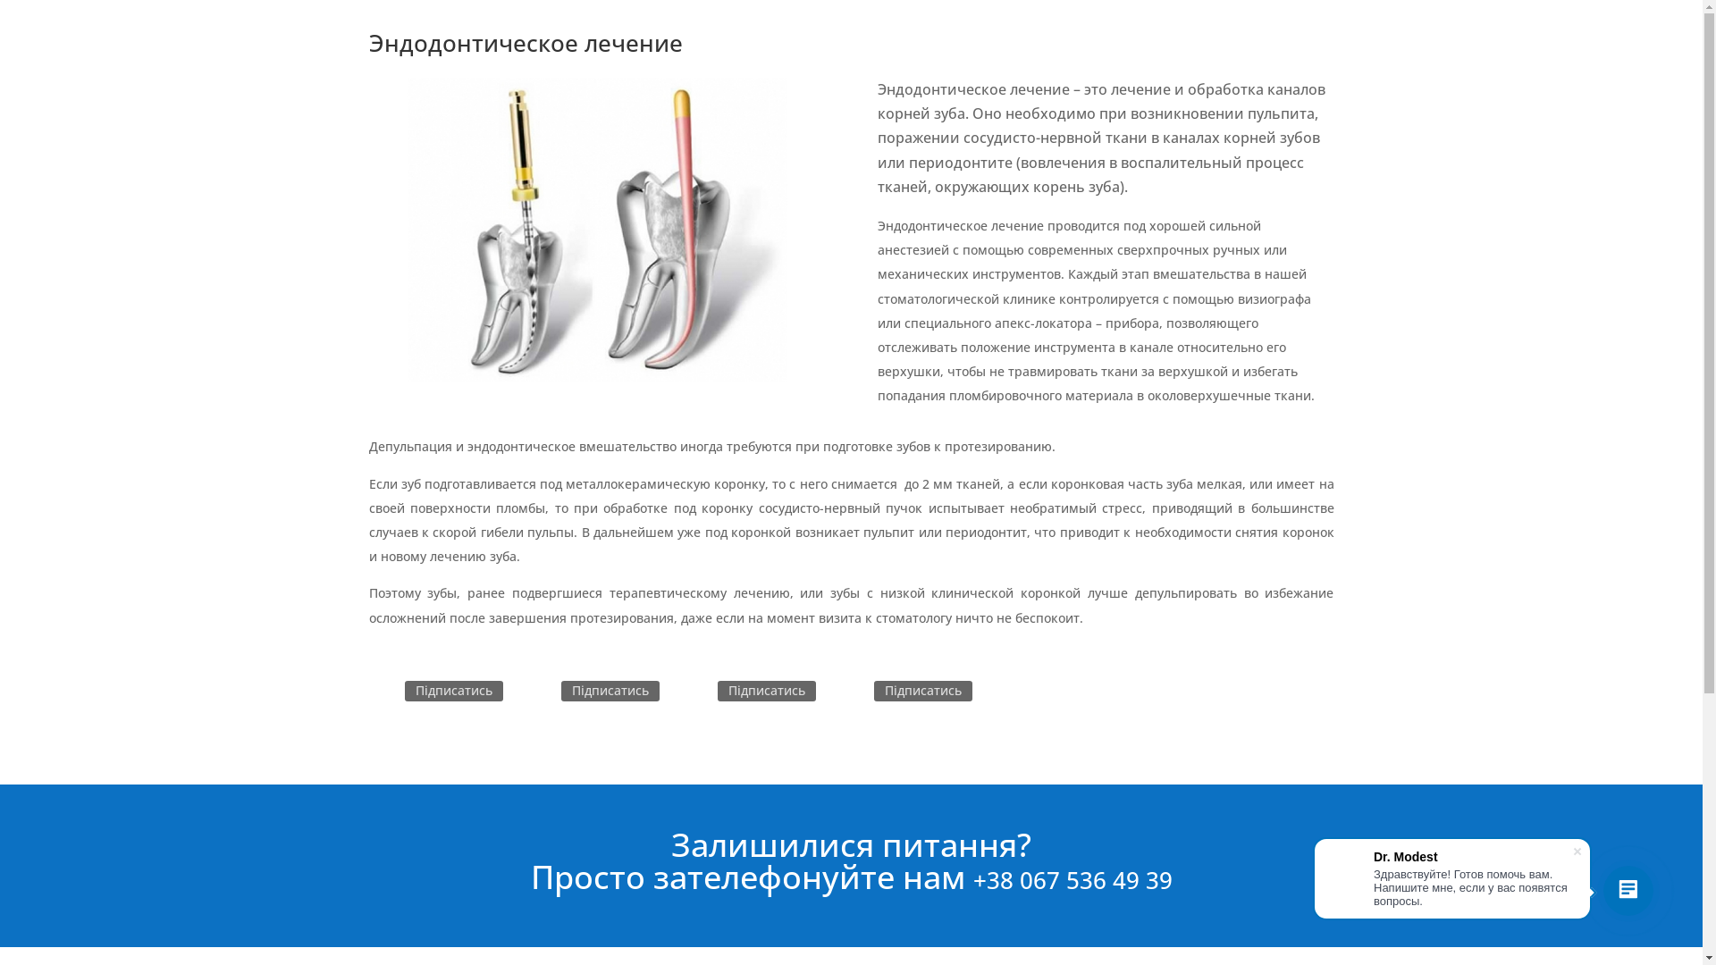  I want to click on '+38 ', so click(994, 878).